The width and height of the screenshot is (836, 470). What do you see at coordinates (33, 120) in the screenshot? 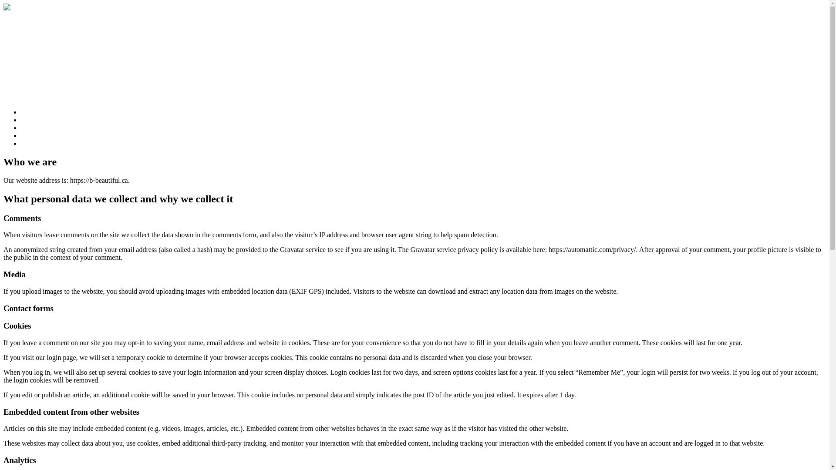
I see `'ABOUT'` at bounding box center [33, 120].